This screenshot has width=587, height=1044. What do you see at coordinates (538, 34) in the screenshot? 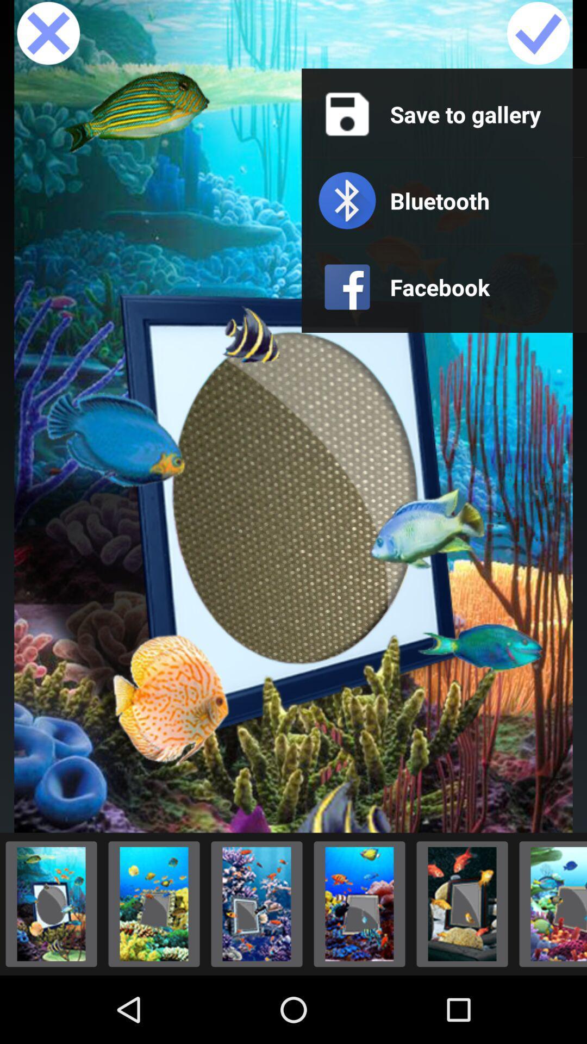
I see `confirm` at bounding box center [538, 34].